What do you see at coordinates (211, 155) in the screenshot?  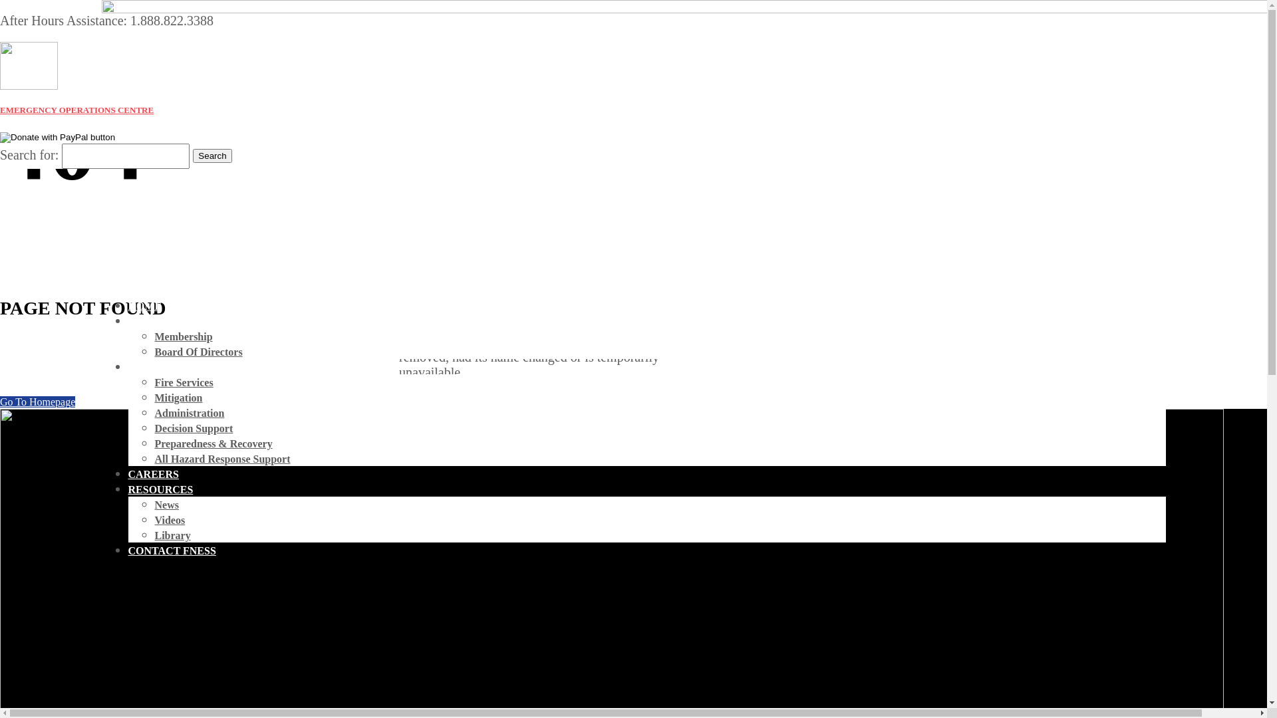 I see `'Search'` at bounding box center [211, 155].